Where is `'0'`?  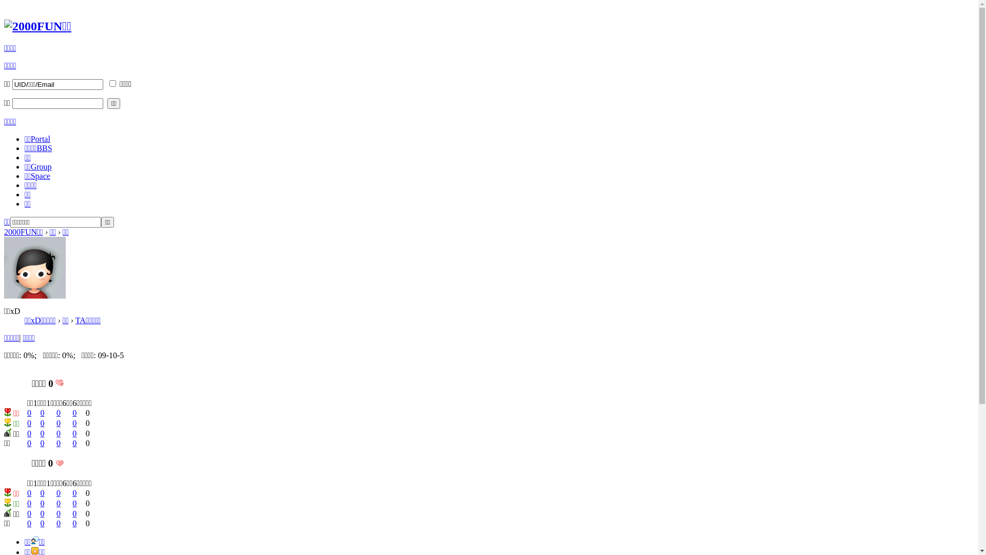
'0' is located at coordinates (73, 412).